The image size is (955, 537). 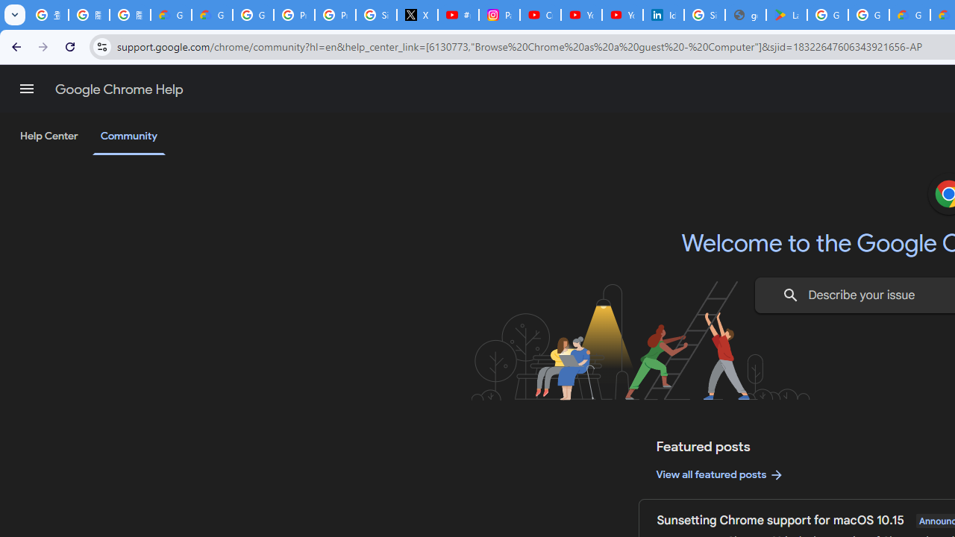 What do you see at coordinates (868, 15) in the screenshot?
I see `'Google Workspace - Specific Terms'` at bounding box center [868, 15].